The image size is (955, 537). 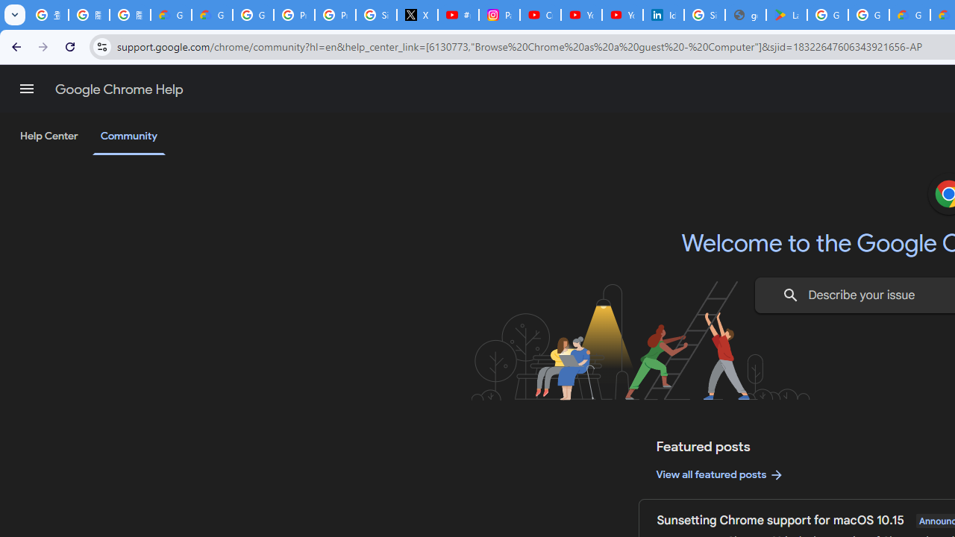 What do you see at coordinates (868, 15) in the screenshot?
I see `'Google Workspace - Specific Terms'` at bounding box center [868, 15].